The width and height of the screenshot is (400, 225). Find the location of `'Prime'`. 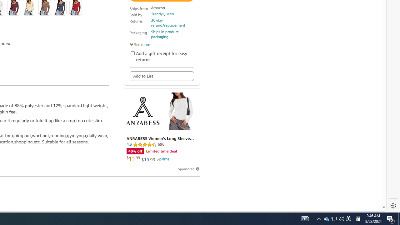

'Prime' is located at coordinates (163, 159).